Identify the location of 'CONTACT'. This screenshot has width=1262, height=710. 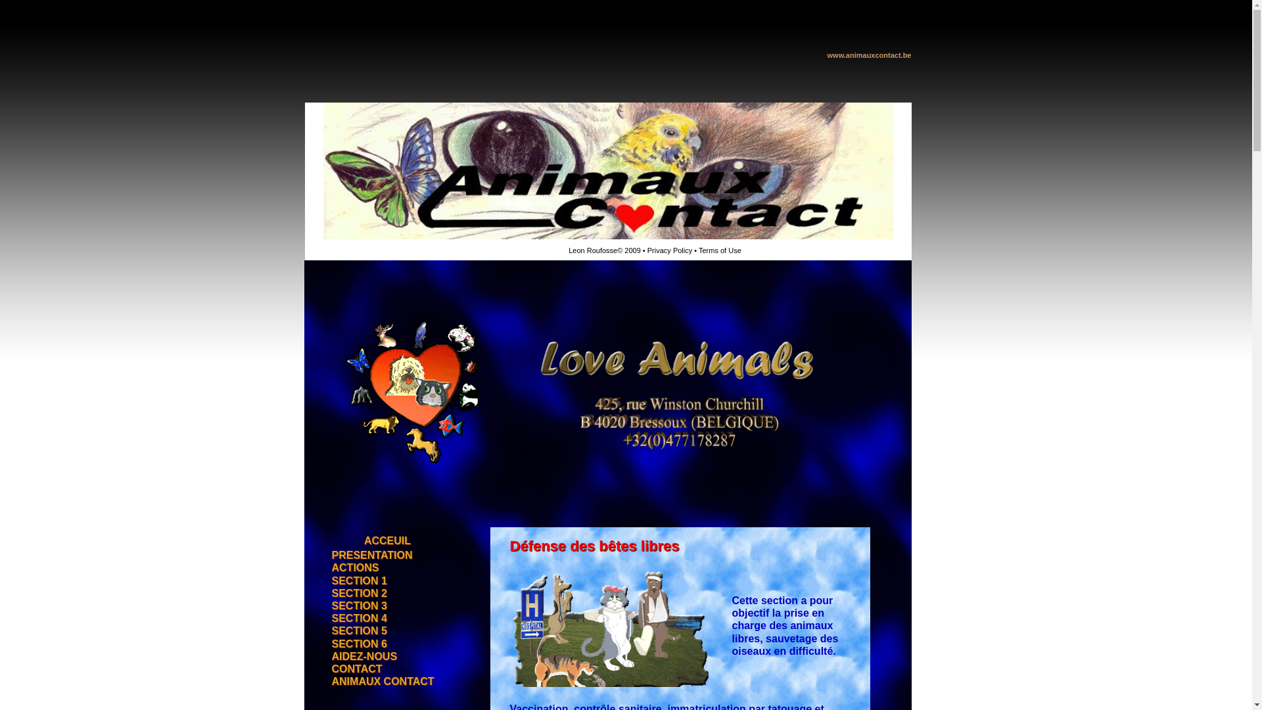
(356, 669).